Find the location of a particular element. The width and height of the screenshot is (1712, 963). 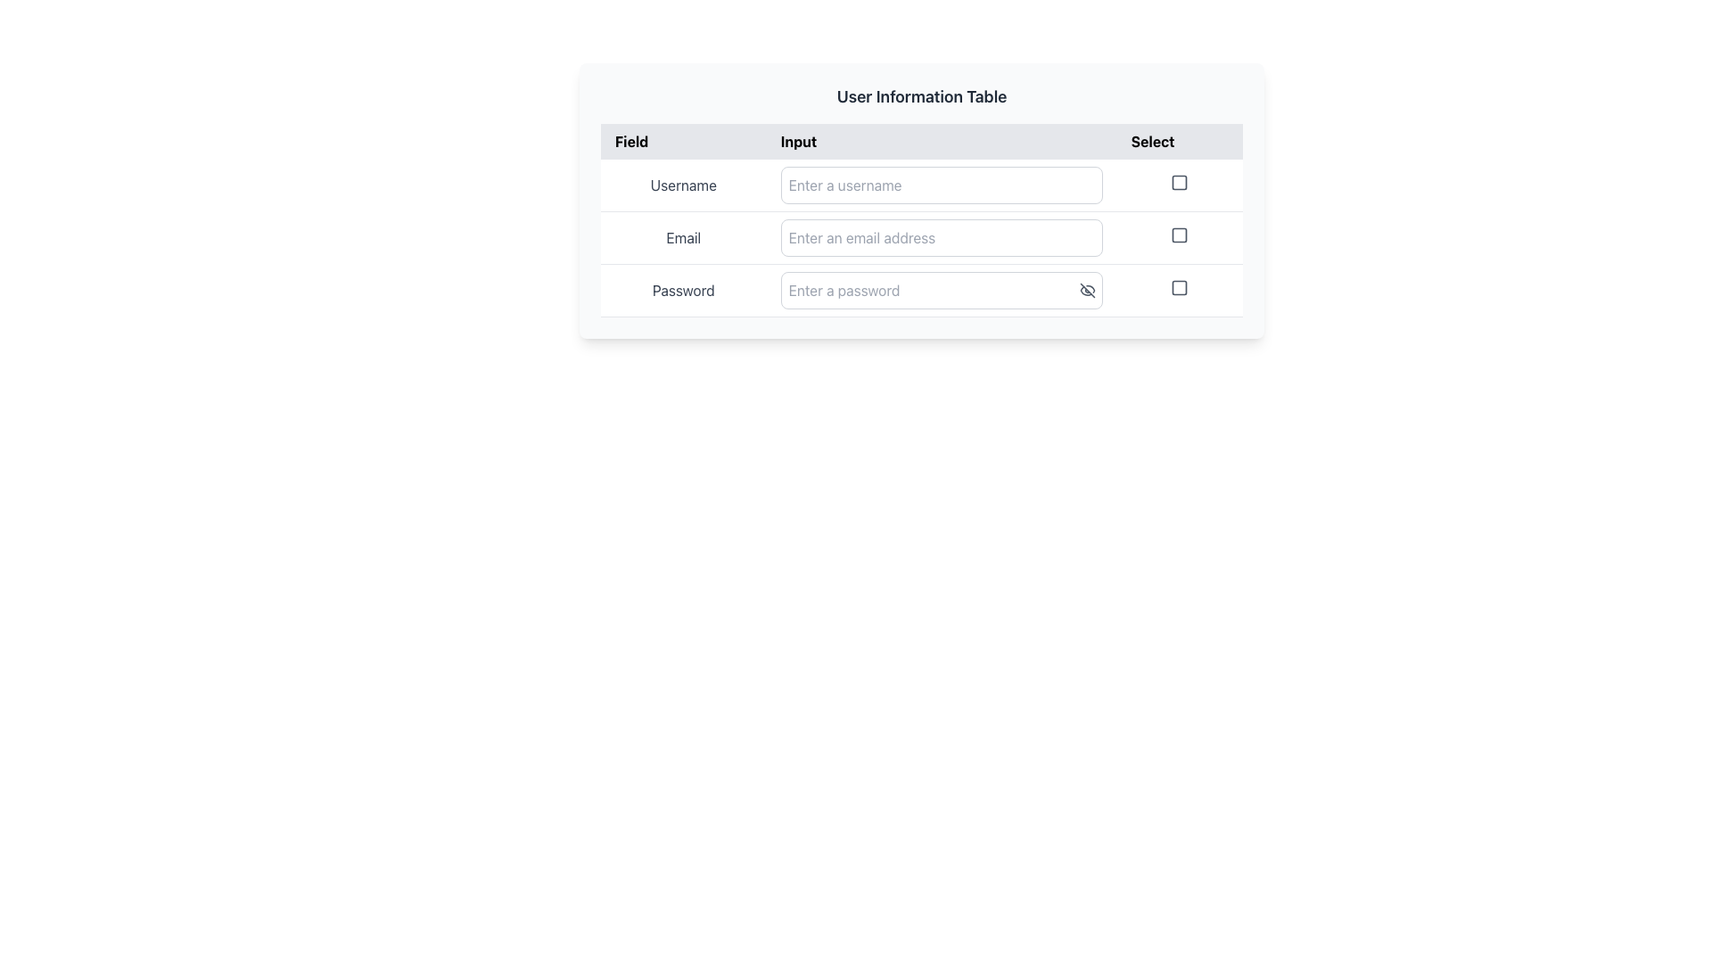

the checkbox located in the last column of the row labeled 'Email' within the table is located at coordinates (1180, 236).